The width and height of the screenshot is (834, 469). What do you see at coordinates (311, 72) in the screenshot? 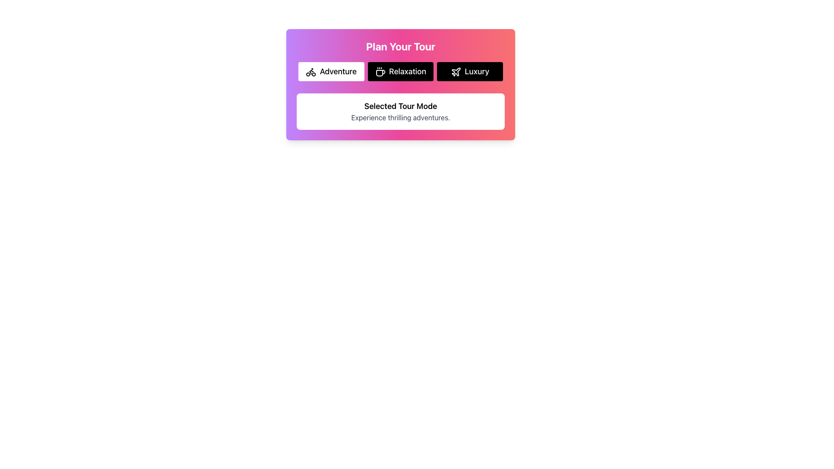
I see `the 'Adventure' mode icon located to the left of the 'Adventure' label in the 'Plan Your Tour' section` at bounding box center [311, 72].